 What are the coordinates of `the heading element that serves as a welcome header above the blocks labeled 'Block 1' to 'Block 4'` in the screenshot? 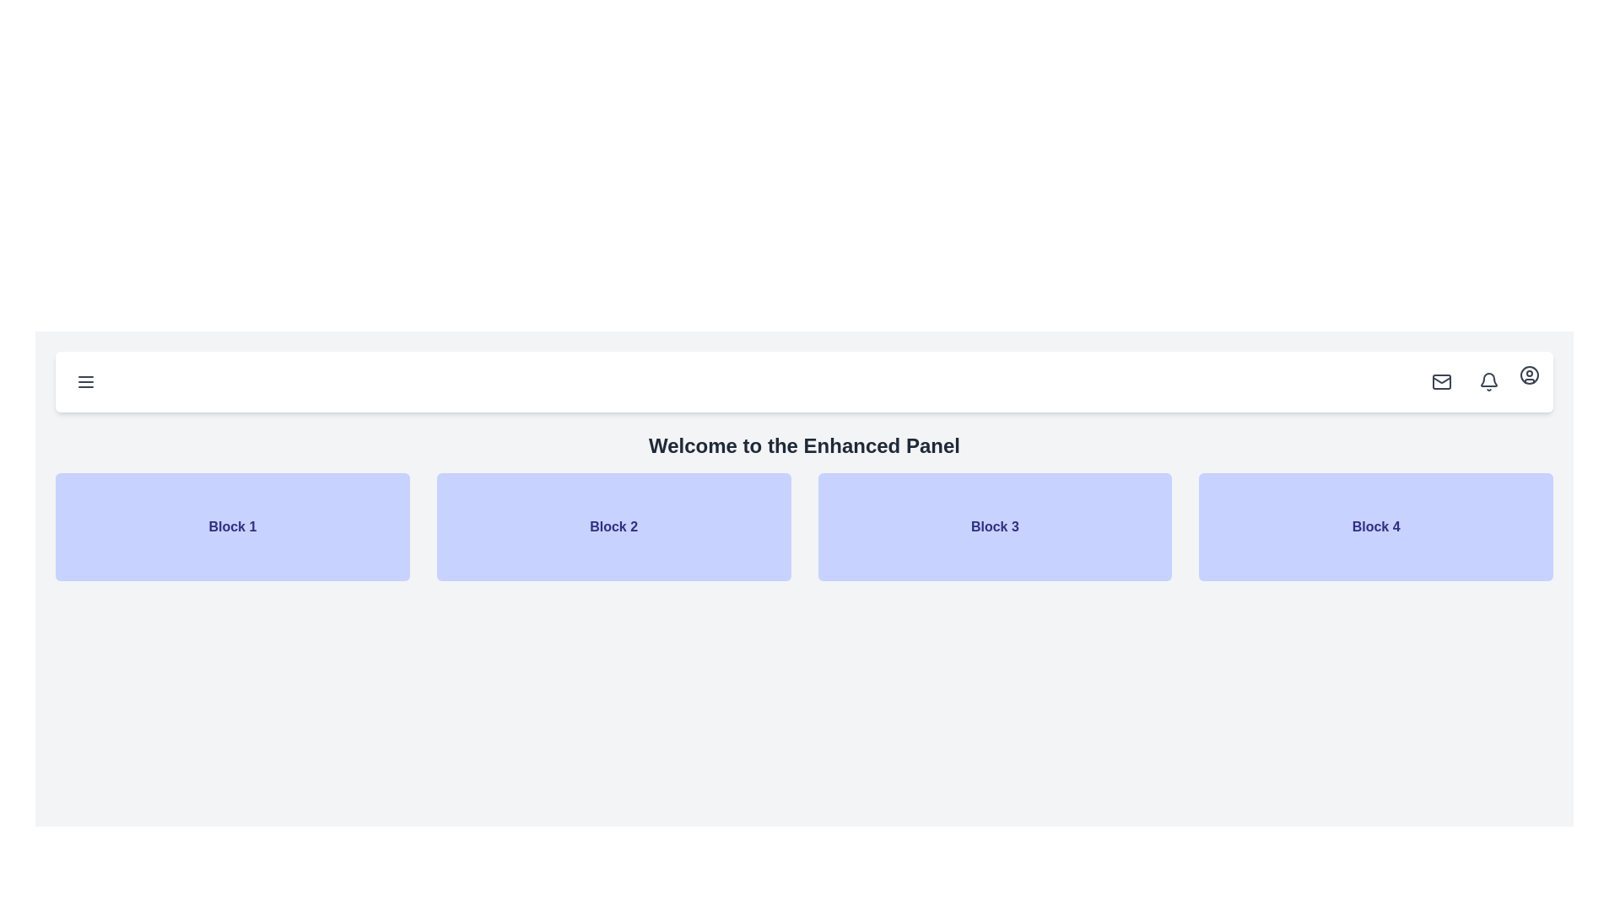 It's located at (803, 445).